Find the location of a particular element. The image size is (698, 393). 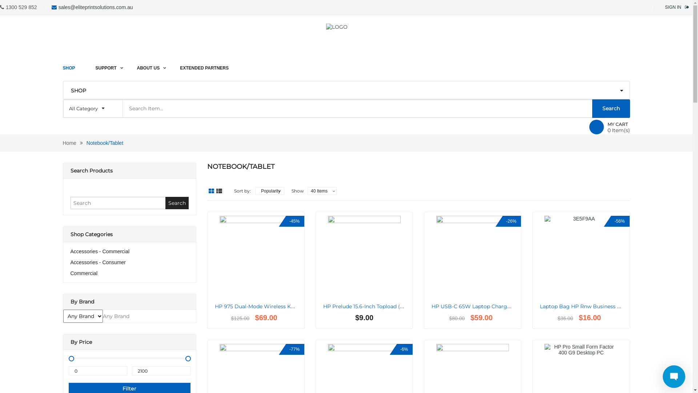

'SIGN IN' is located at coordinates (673, 7).